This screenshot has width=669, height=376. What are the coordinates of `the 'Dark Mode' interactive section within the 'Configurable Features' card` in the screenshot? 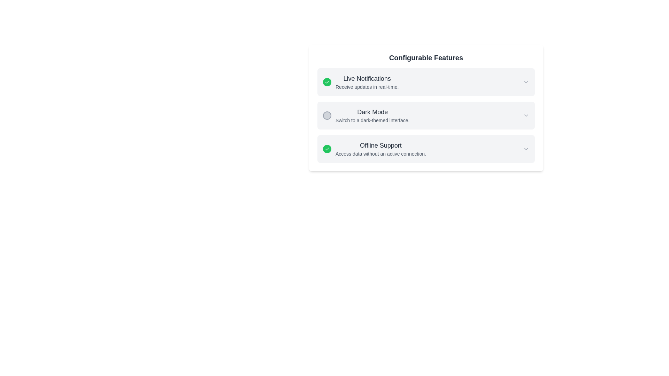 It's located at (426, 115).